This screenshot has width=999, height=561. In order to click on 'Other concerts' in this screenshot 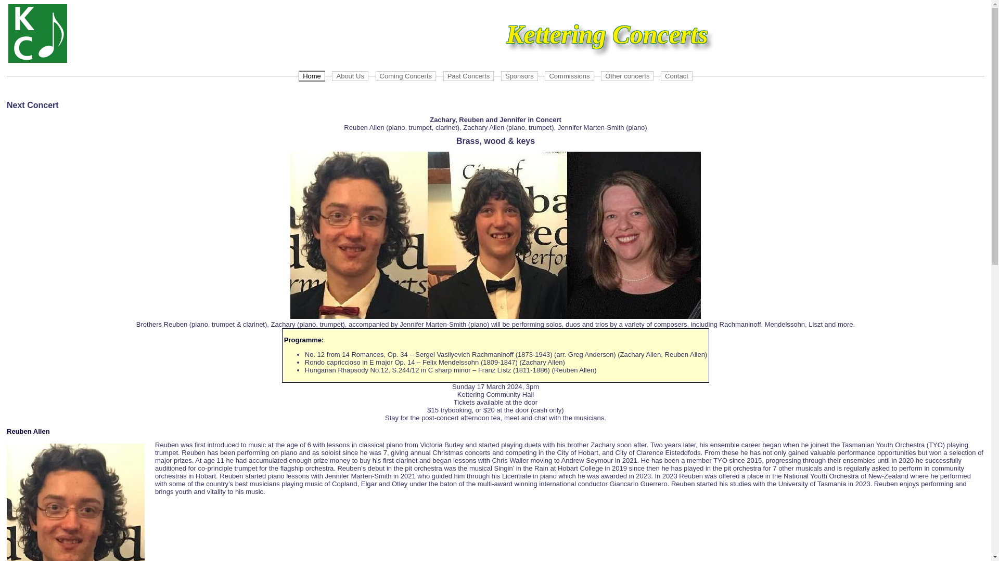, I will do `click(626, 75)`.